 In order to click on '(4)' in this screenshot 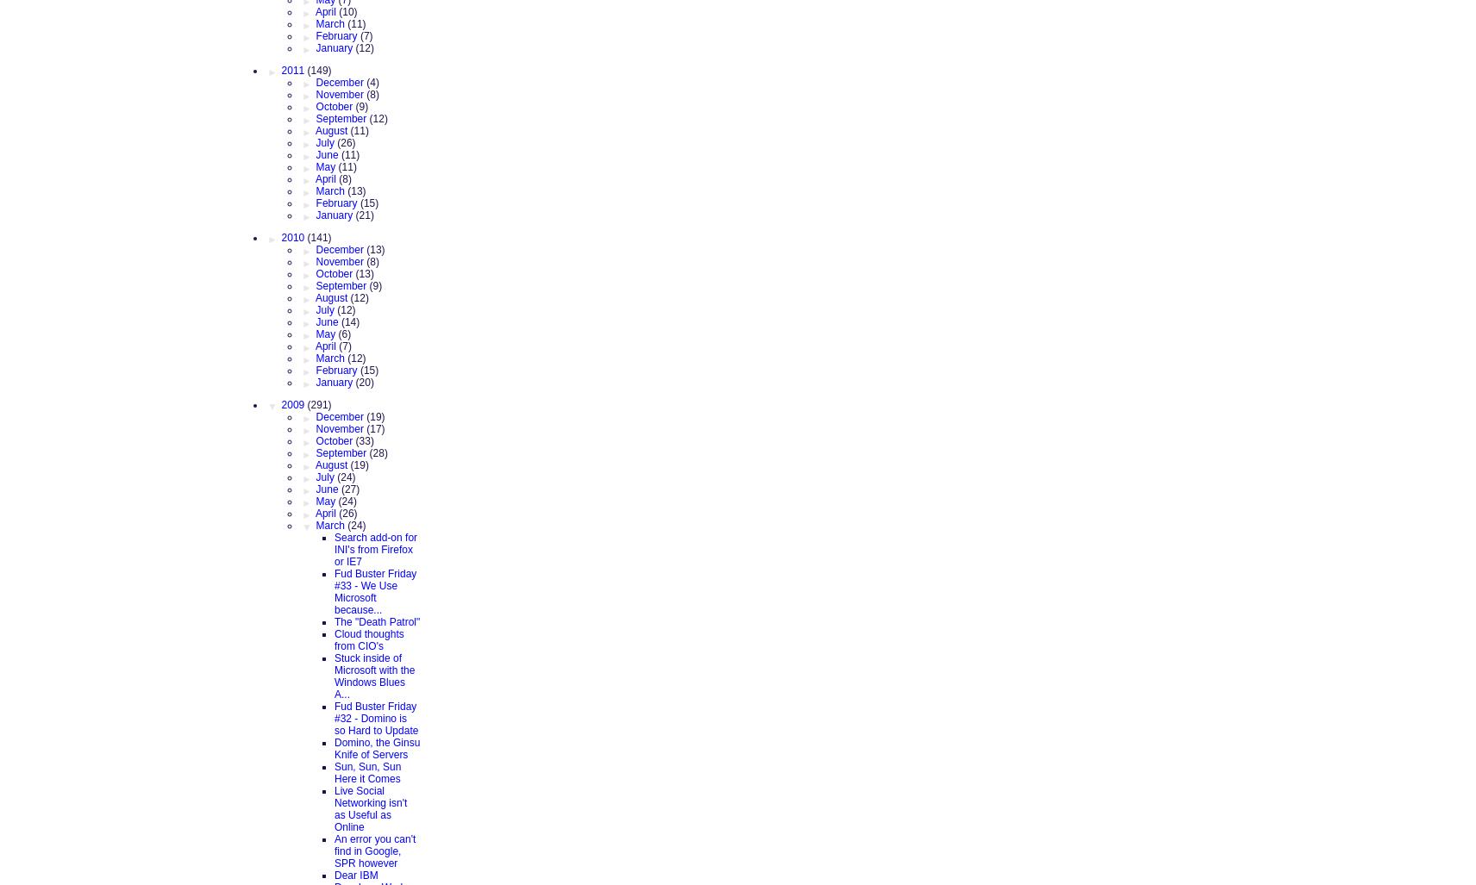, I will do `click(366, 80)`.